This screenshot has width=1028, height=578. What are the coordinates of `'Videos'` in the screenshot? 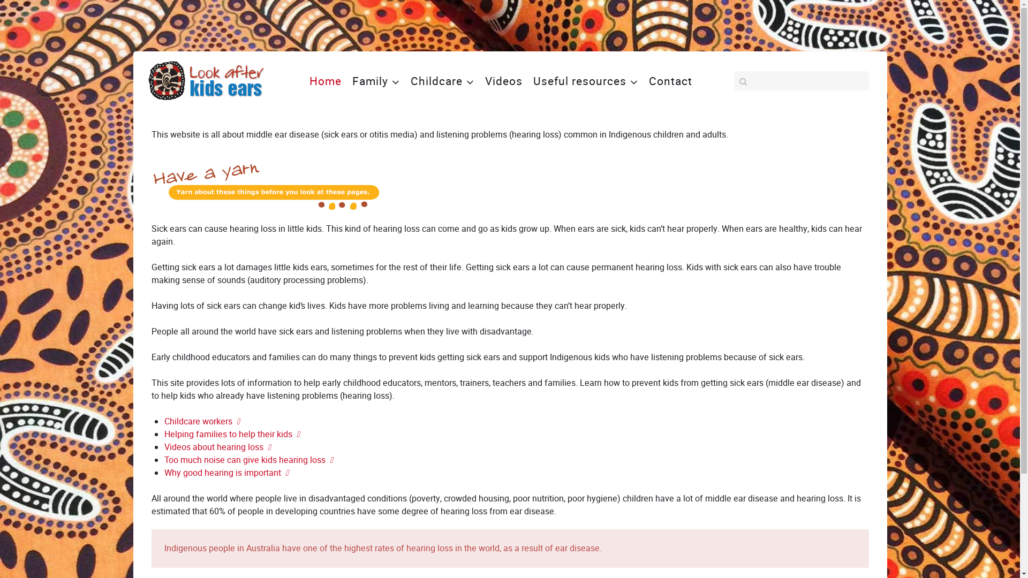 It's located at (503, 80).